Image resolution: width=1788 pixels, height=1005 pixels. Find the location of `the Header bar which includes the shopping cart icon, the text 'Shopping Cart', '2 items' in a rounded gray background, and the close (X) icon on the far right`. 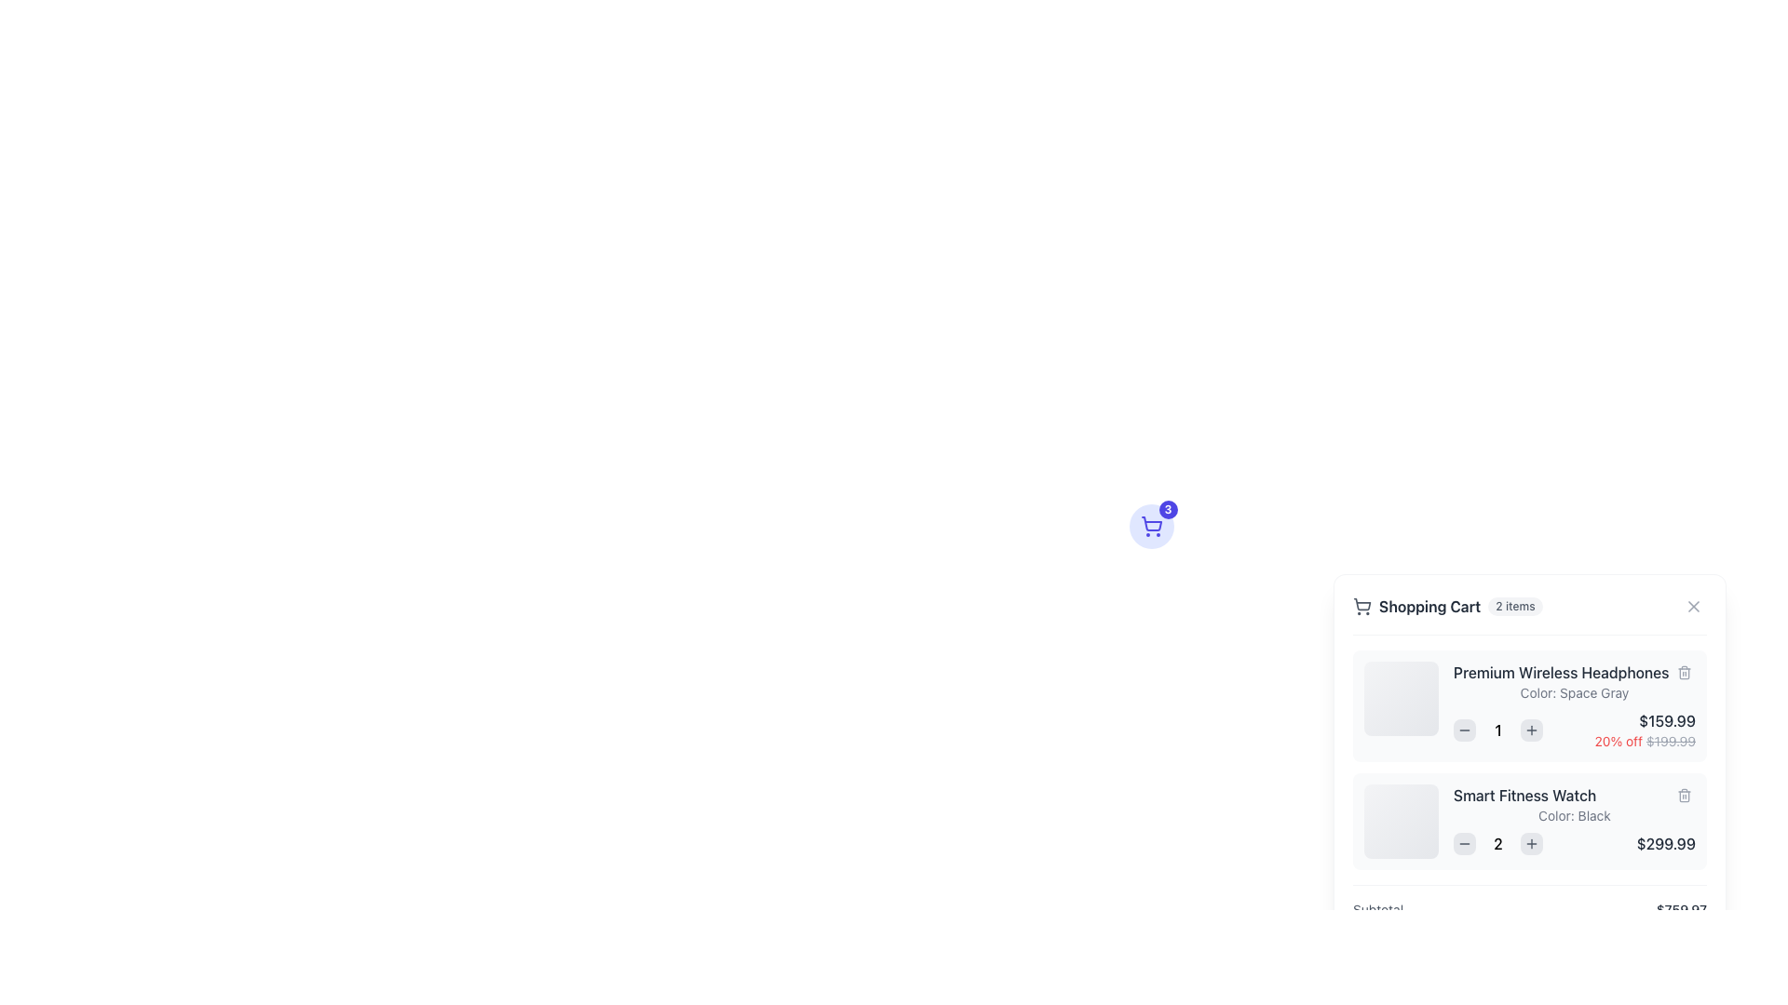

the Header bar which includes the shopping cart icon, the text 'Shopping Cart', '2 items' in a rounded gray background, and the close (X) icon on the far right is located at coordinates (1529, 613).